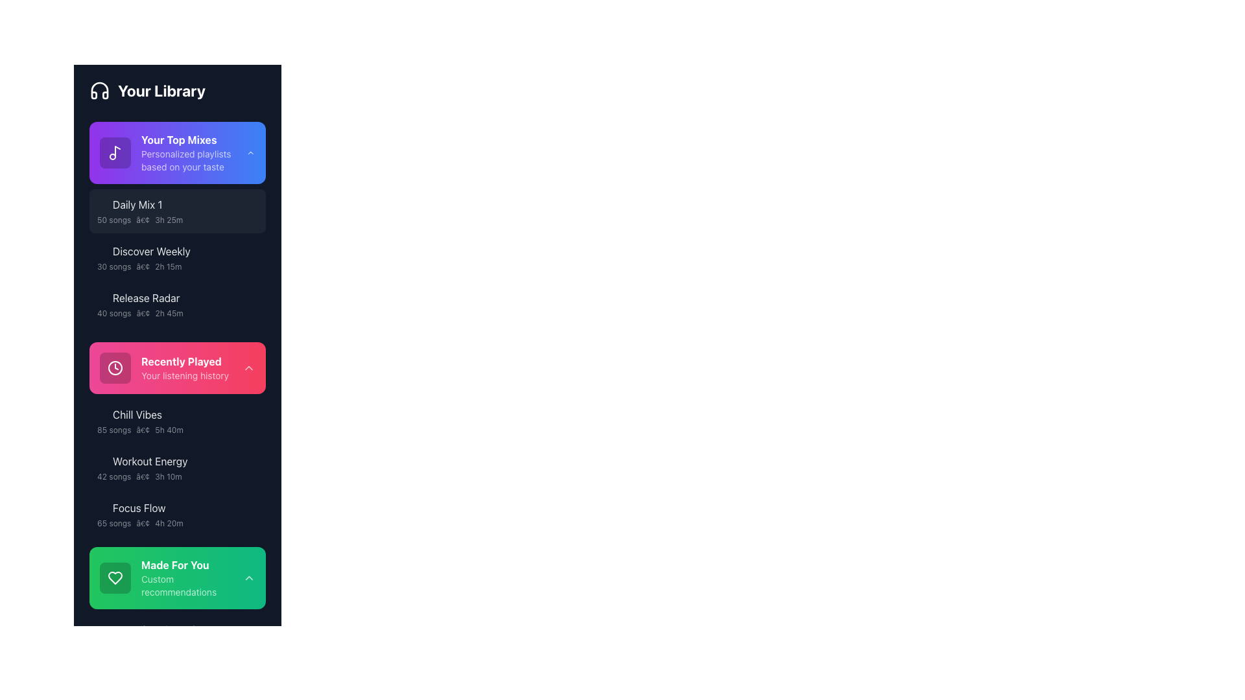 This screenshot has width=1245, height=700. I want to click on the 'Discover Weekly' label to change its text color, so click(151, 251).